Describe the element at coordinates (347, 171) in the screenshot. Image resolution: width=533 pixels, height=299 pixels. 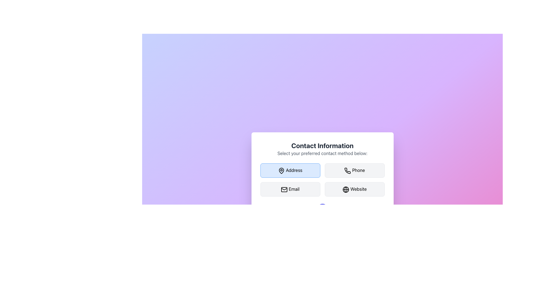
I see `the telephone receiver icon within the 'Phone' button in the contact method selection interface, located in the top-right corner of the options` at that location.